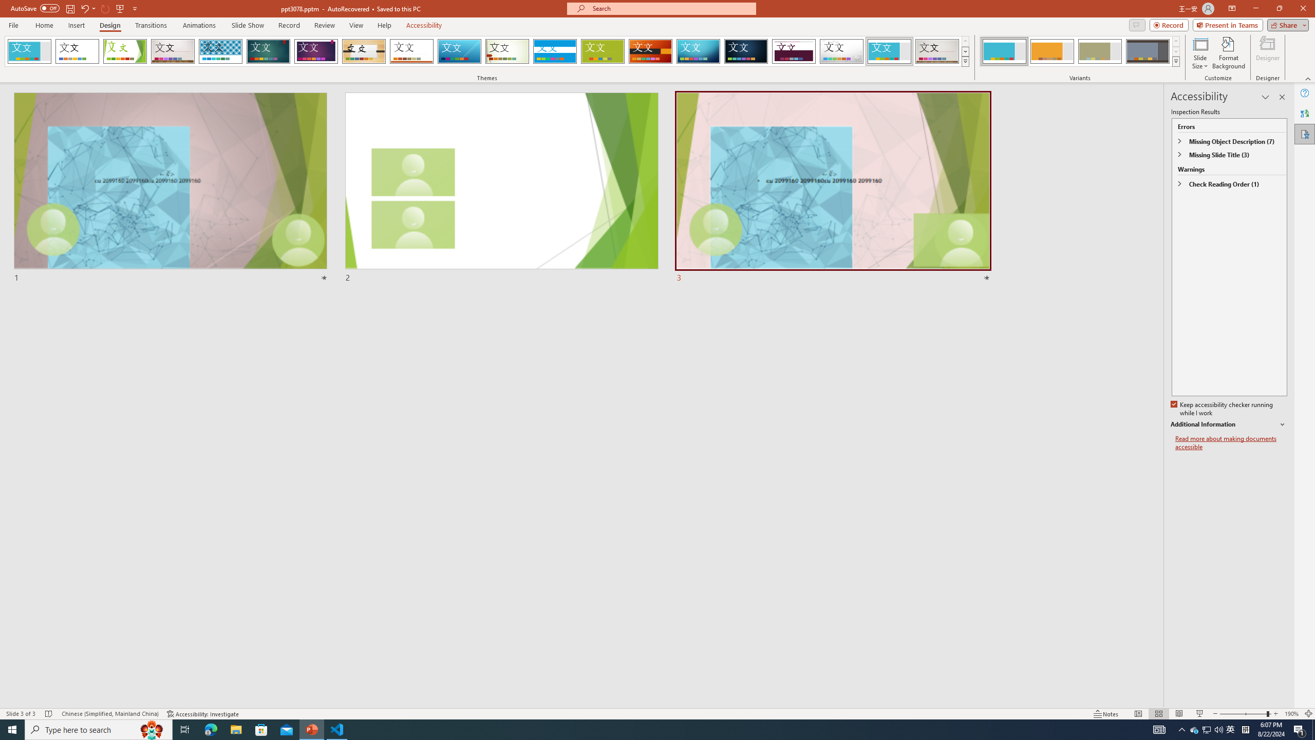 The image size is (1315, 740). What do you see at coordinates (364, 51) in the screenshot?
I see `'Organic'` at bounding box center [364, 51].